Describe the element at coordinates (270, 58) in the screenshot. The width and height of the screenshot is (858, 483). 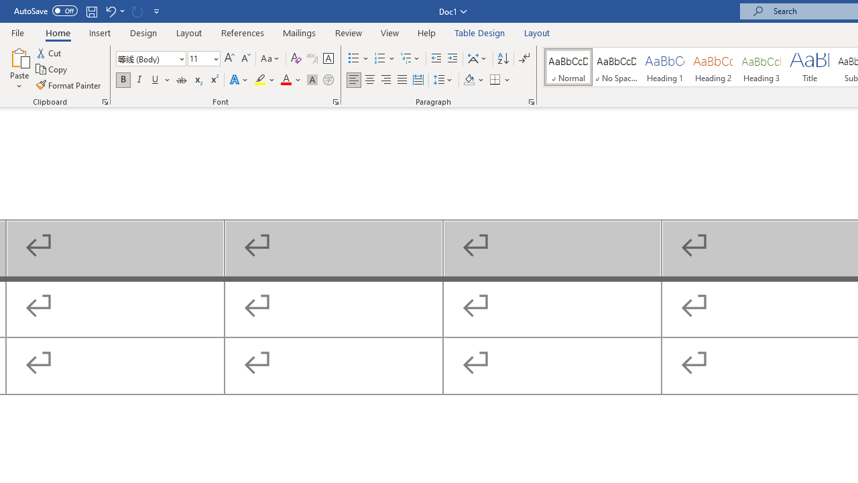
I see `'Change Case'` at that location.